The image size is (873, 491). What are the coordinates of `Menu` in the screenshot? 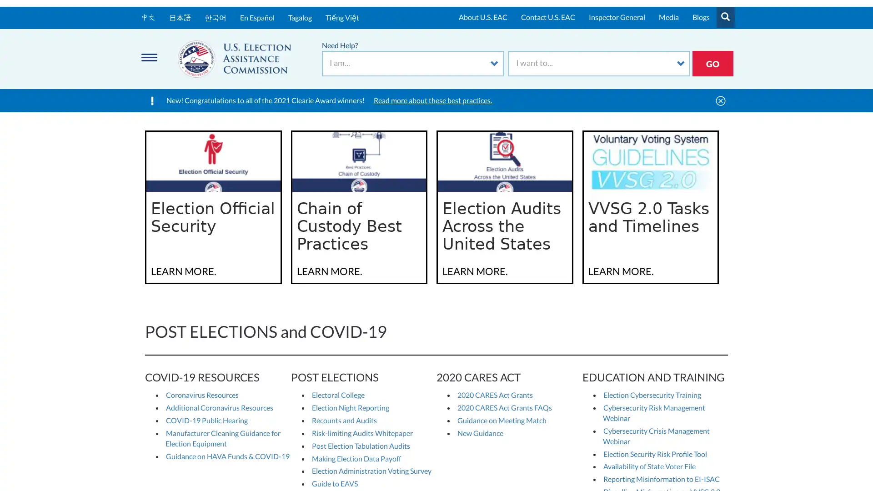 It's located at (150, 57).